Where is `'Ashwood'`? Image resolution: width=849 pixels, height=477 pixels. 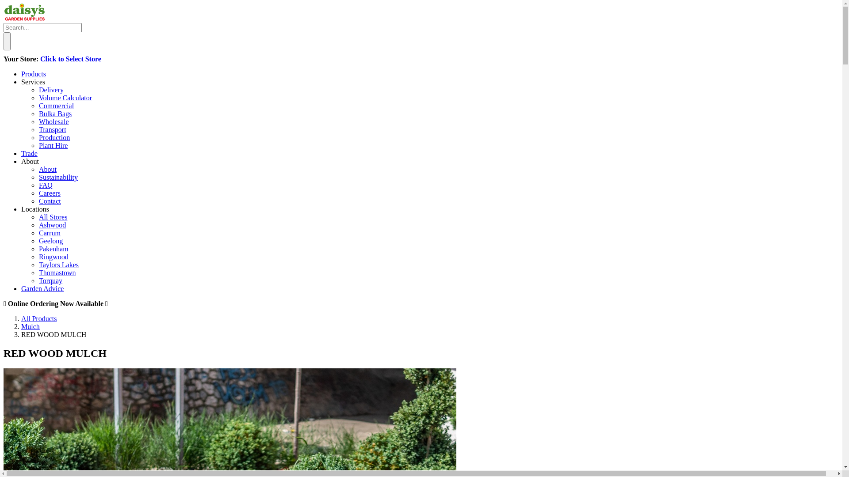 'Ashwood' is located at coordinates (52, 224).